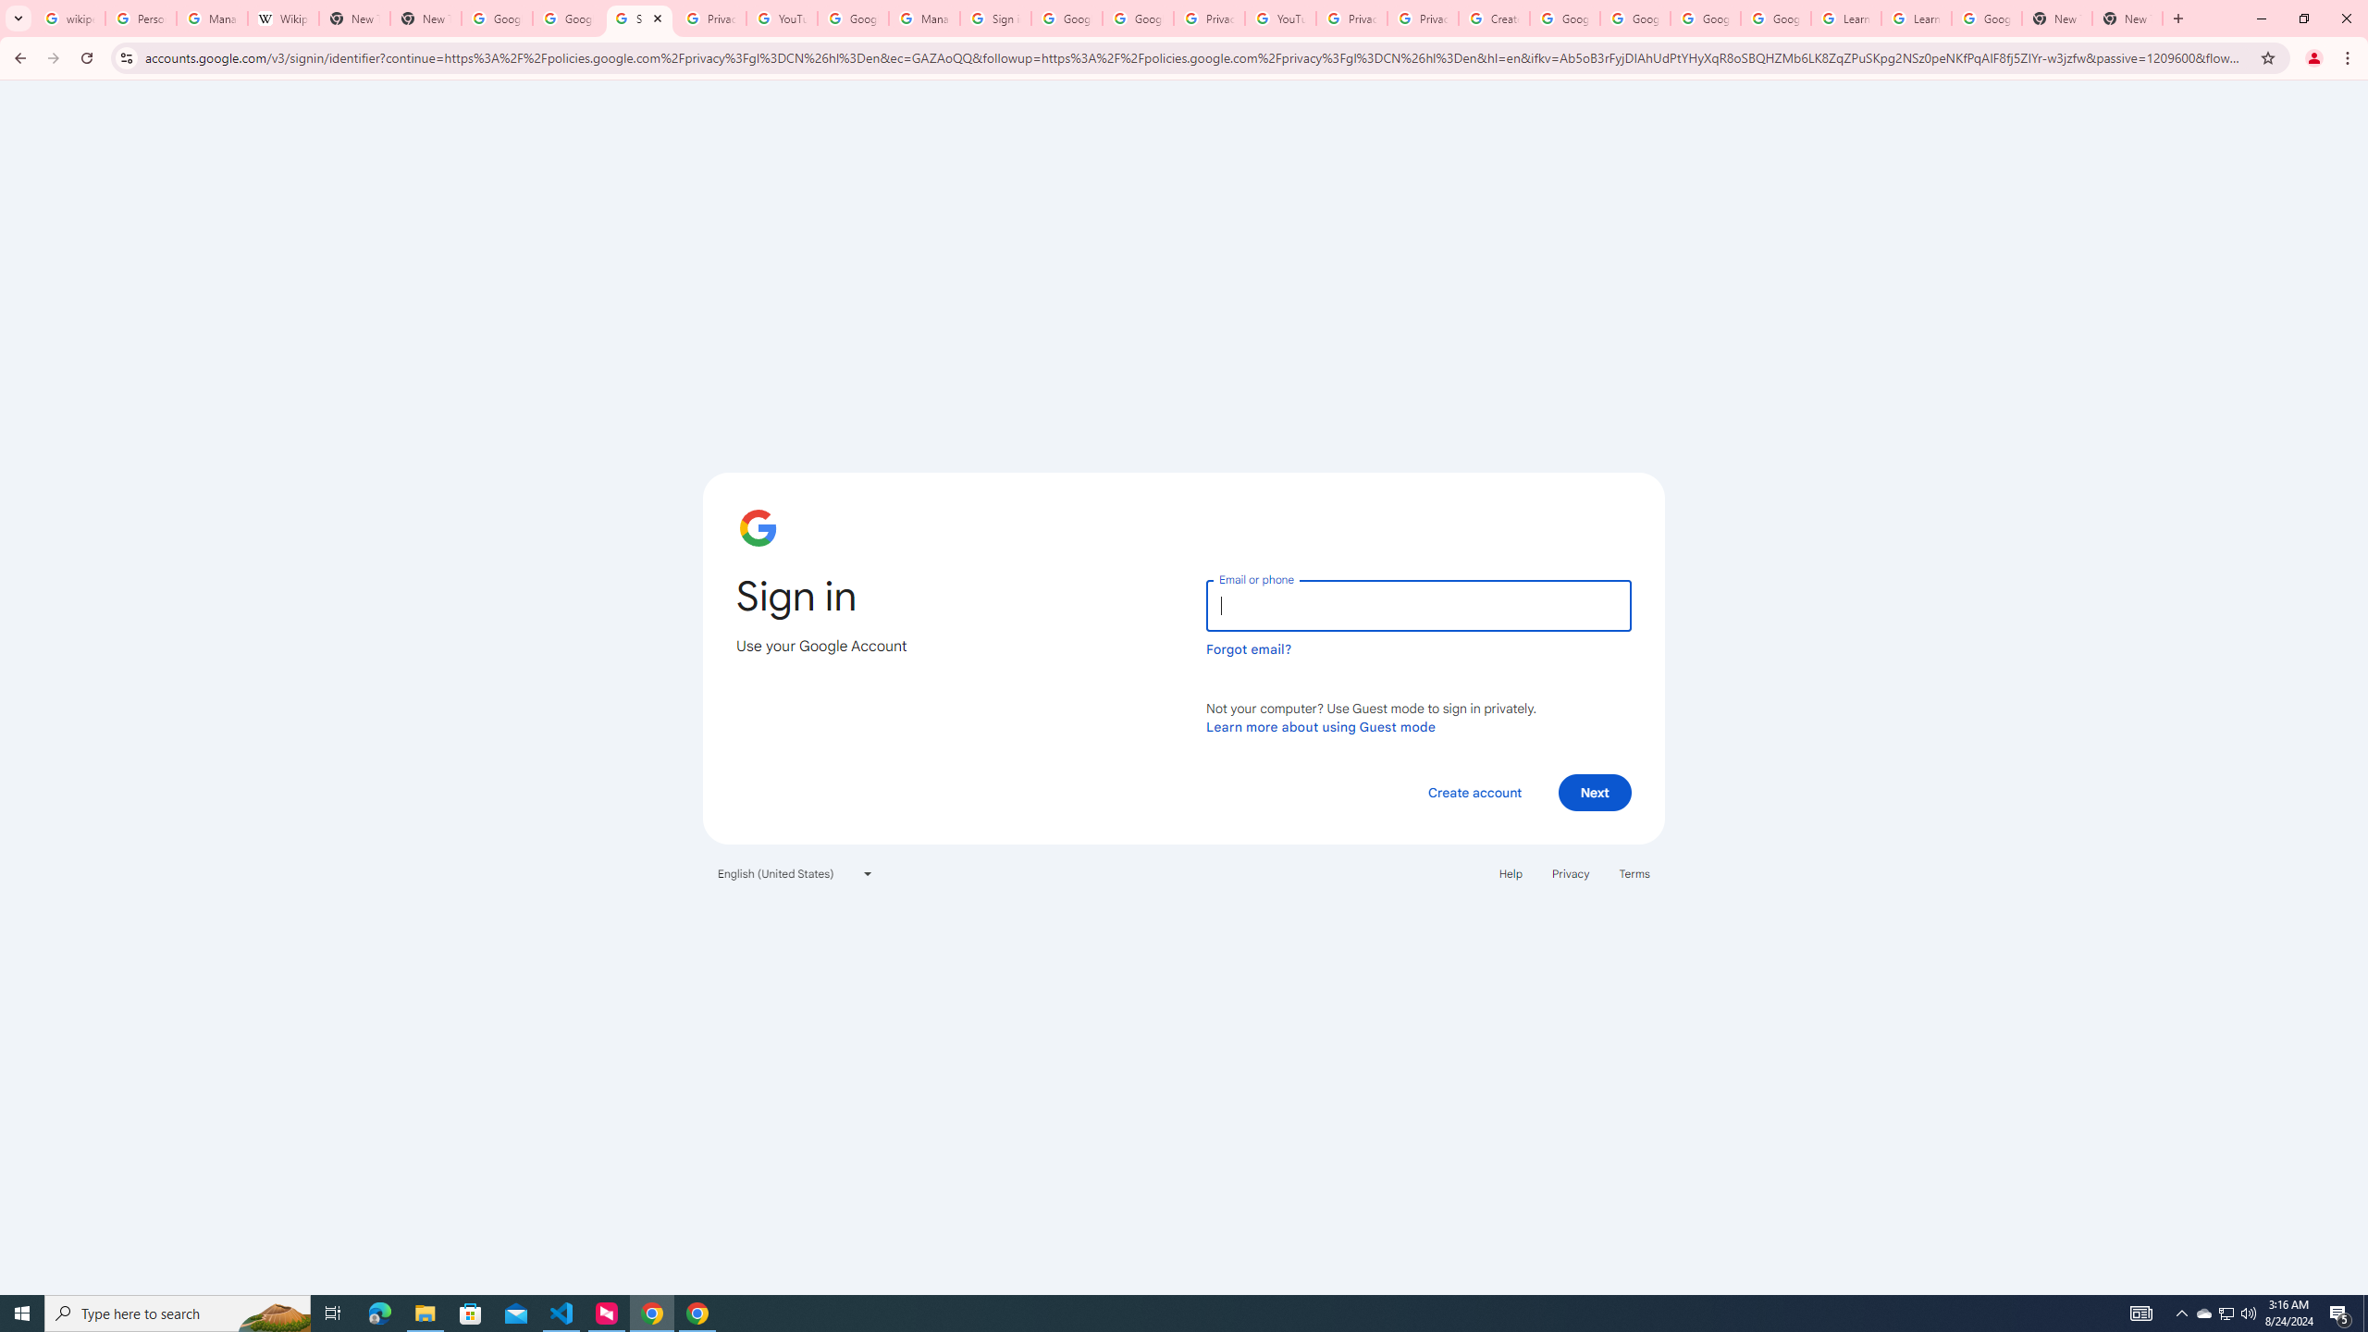 Image resolution: width=2368 pixels, height=1332 pixels. I want to click on 'New Tab', so click(2127, 18).